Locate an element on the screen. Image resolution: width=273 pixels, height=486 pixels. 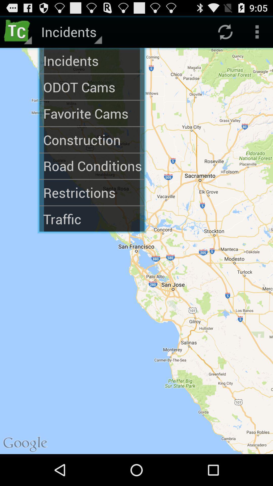
traffic is located at coordinates (92, 219).